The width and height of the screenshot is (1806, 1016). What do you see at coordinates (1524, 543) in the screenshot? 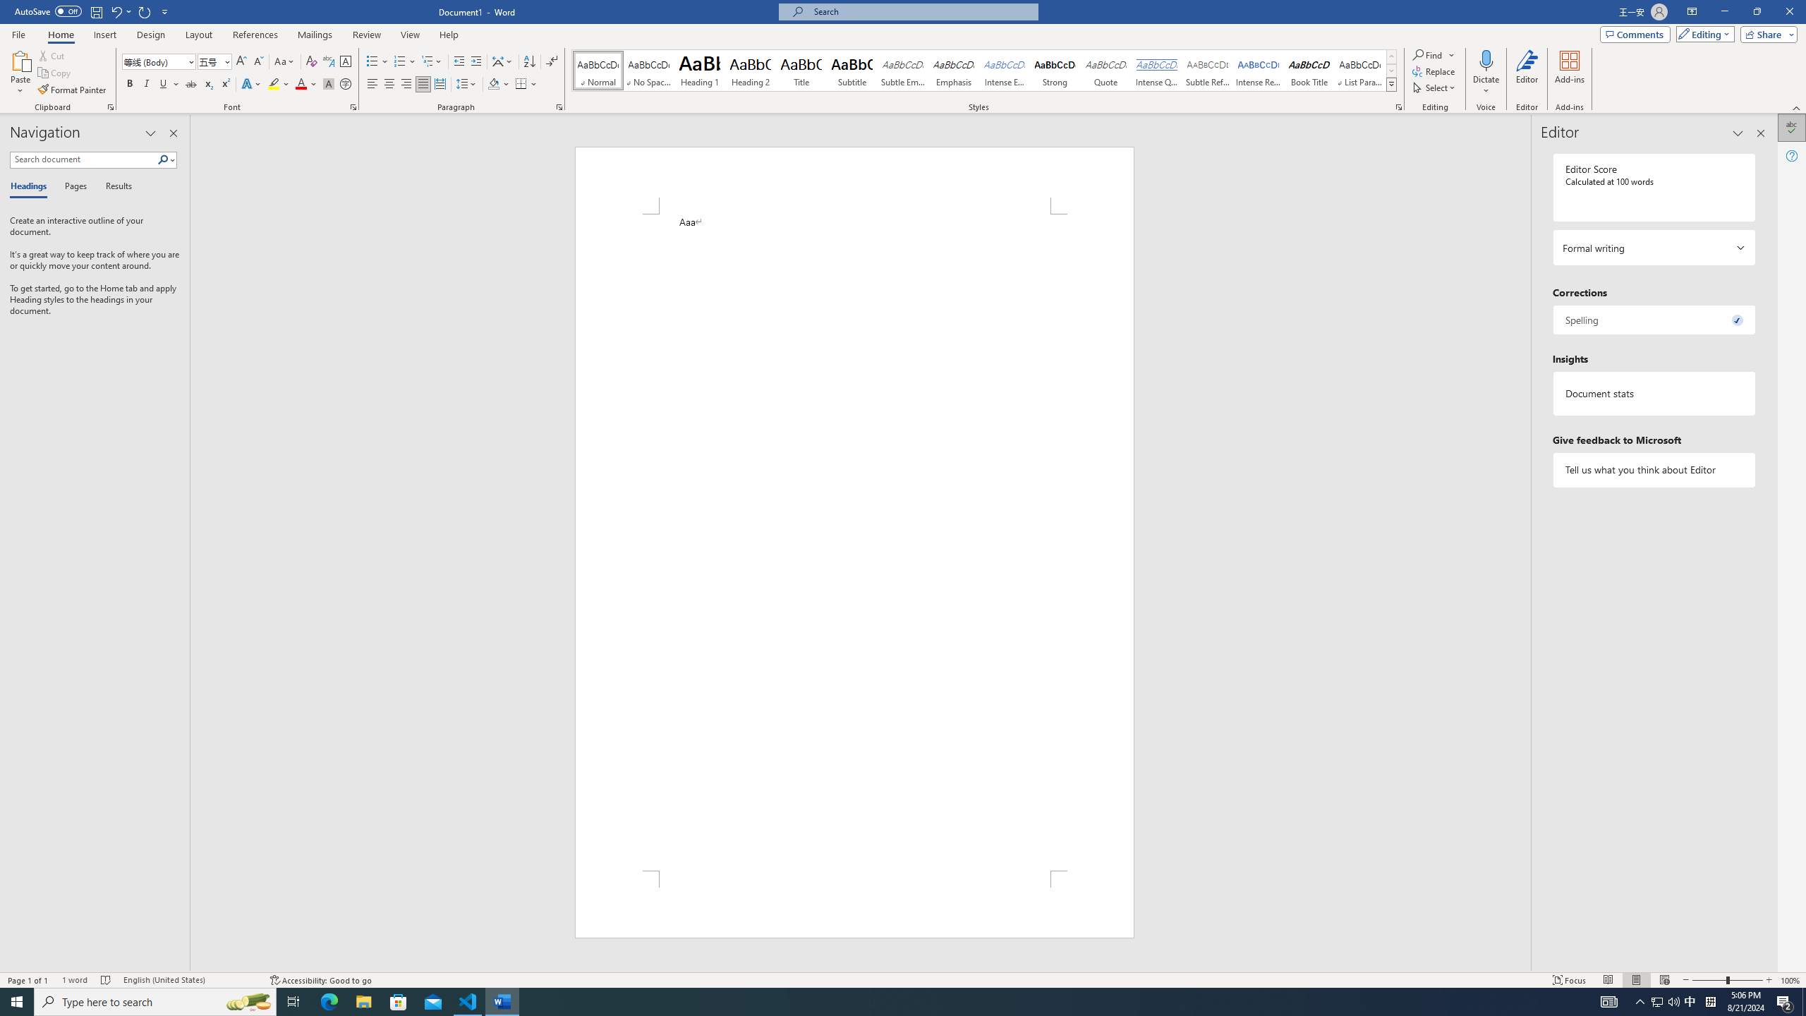
I see `'Class: NetUIScrollBar'` at bounding box center [1524, 543].